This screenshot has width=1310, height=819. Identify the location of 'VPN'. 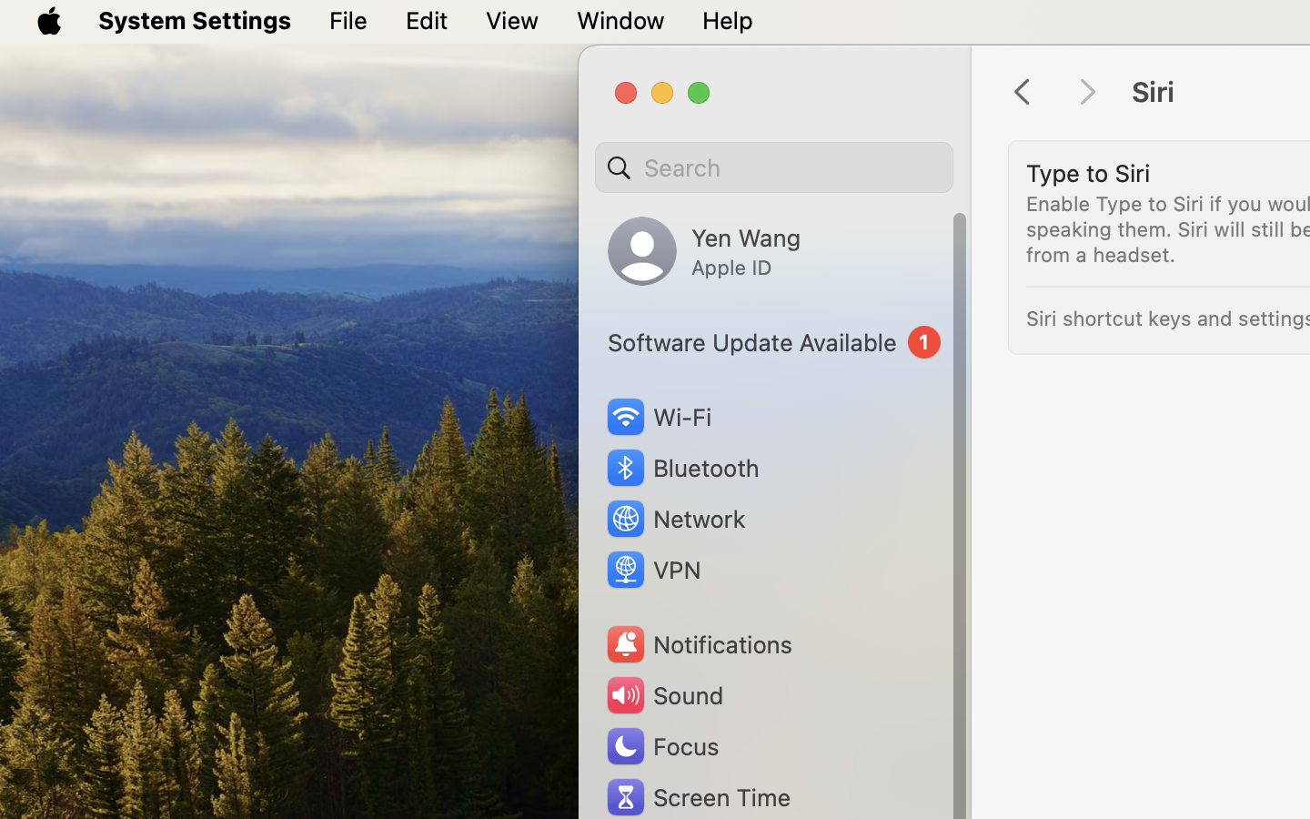
(651, 570).